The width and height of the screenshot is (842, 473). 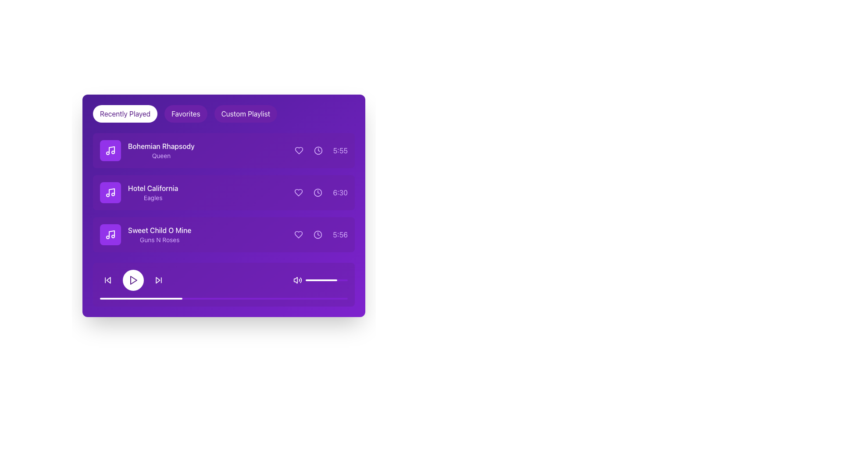 What do you see at coordinates (342, 298) in the screenshot?
I see `the progress bar` at bounding box center [342, 298].